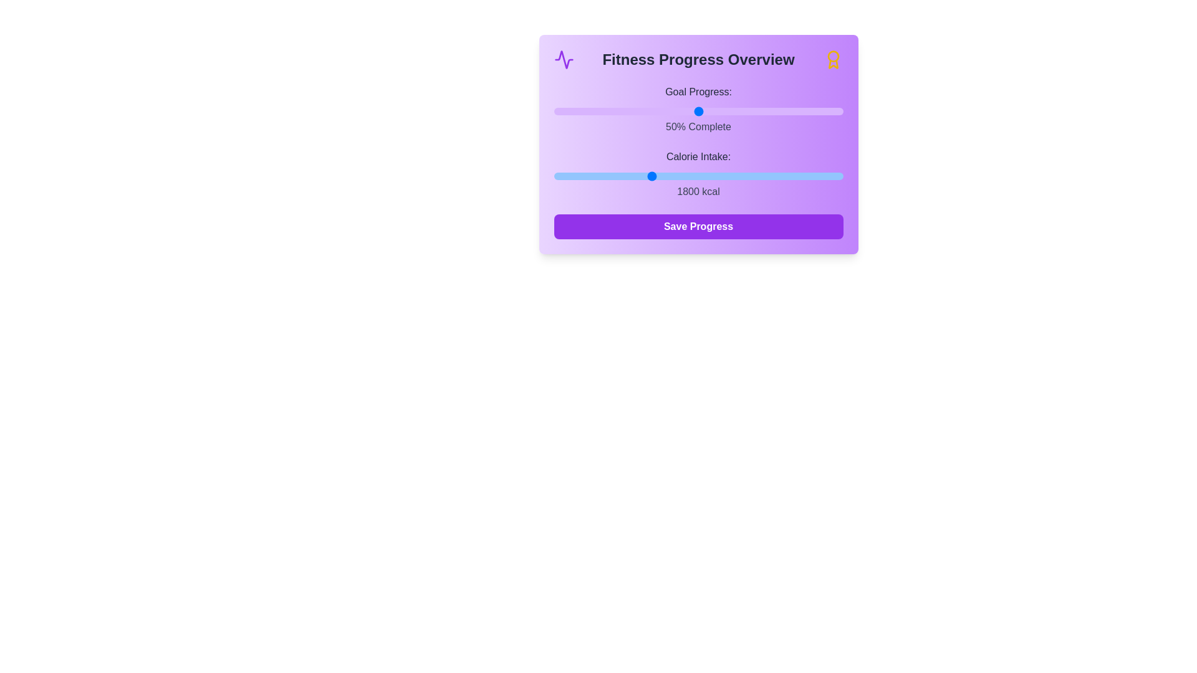 The height and width of the screenshot is (673, 1197). I want to click on the Range slider input element located below the label 'Calorie Intake:' and above '1800 kcal' in the 'Fitness Progress Overview' panel, so click(698, 176).